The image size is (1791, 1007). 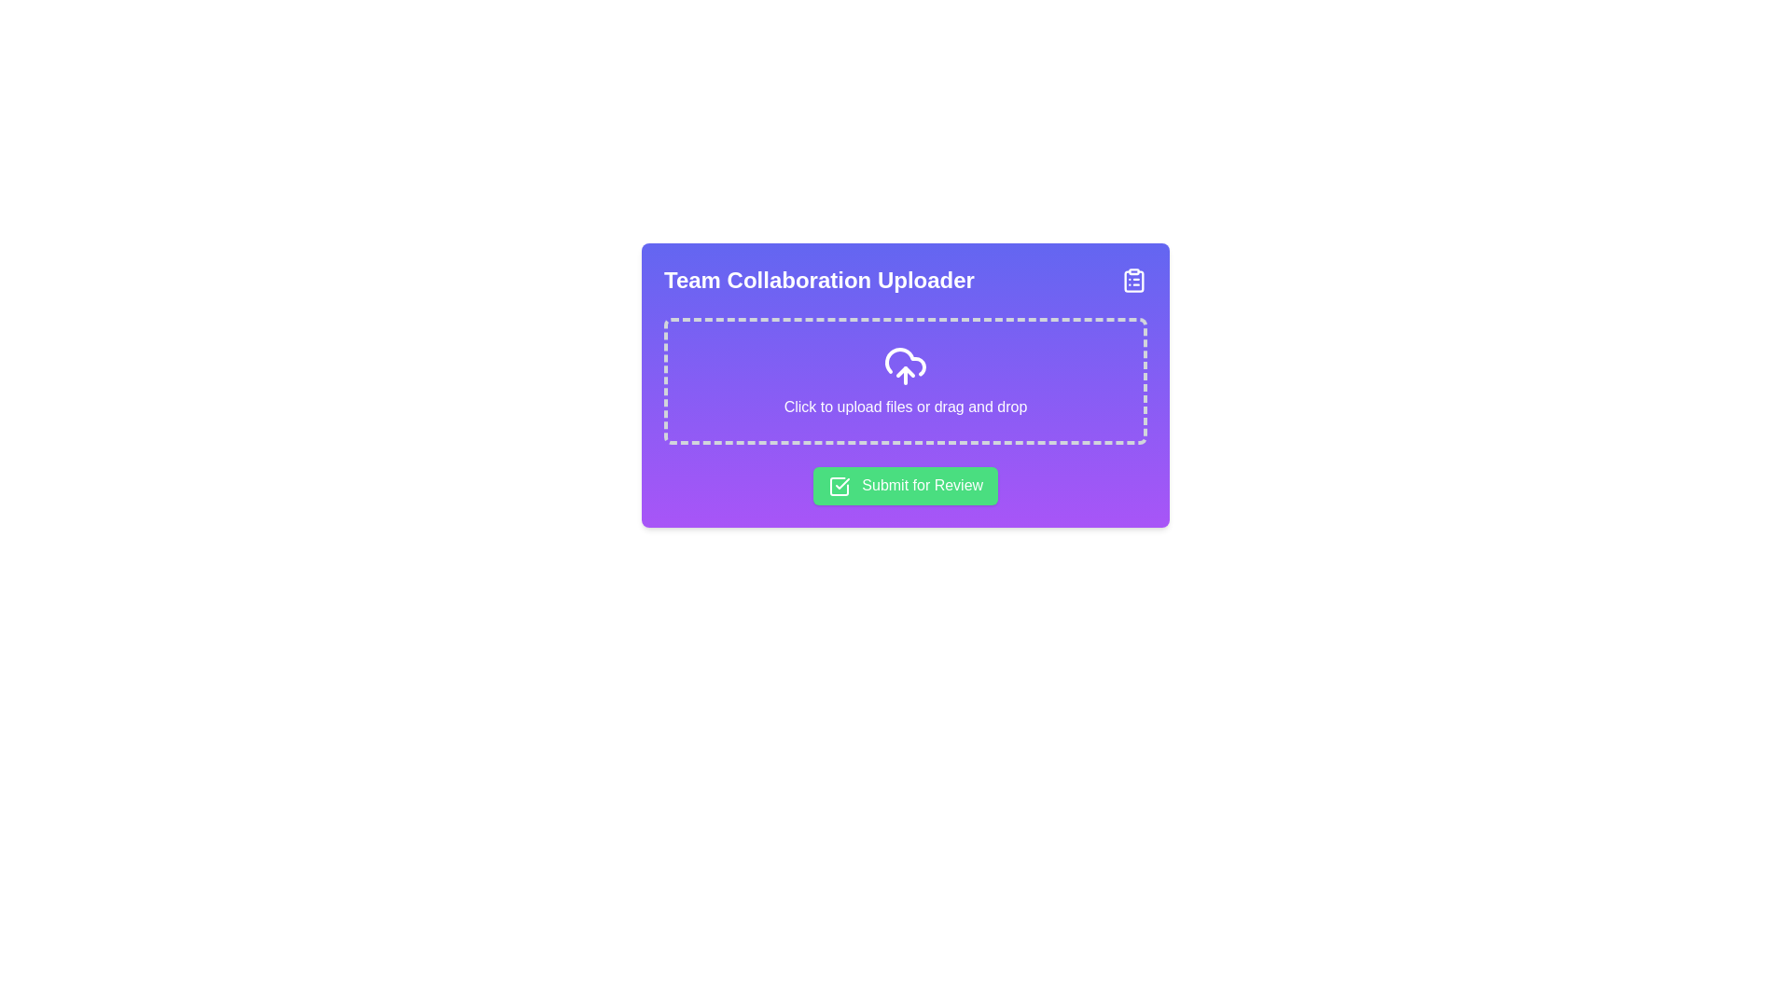 What do you see at coordinates (905, 280) in the screenshot?
I see `the header element at the top of the card section` at bounding box center [905, 280].